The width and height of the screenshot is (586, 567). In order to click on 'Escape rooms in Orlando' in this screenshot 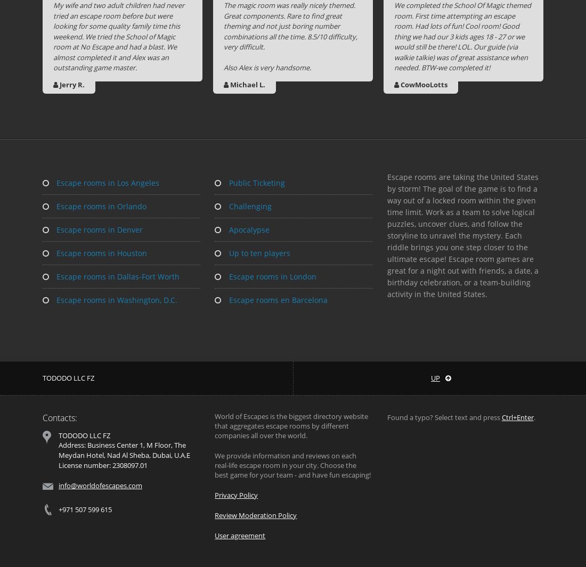, I will do `click(100, 205)`.